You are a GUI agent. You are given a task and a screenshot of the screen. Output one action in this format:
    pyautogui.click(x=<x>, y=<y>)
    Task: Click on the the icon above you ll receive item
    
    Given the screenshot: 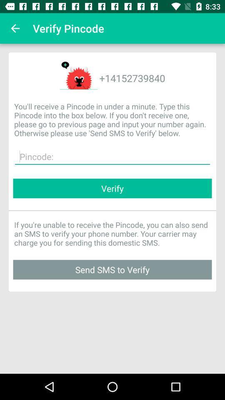 What is the action you would take?
    pyautogui.click(x=15, y=28)
    